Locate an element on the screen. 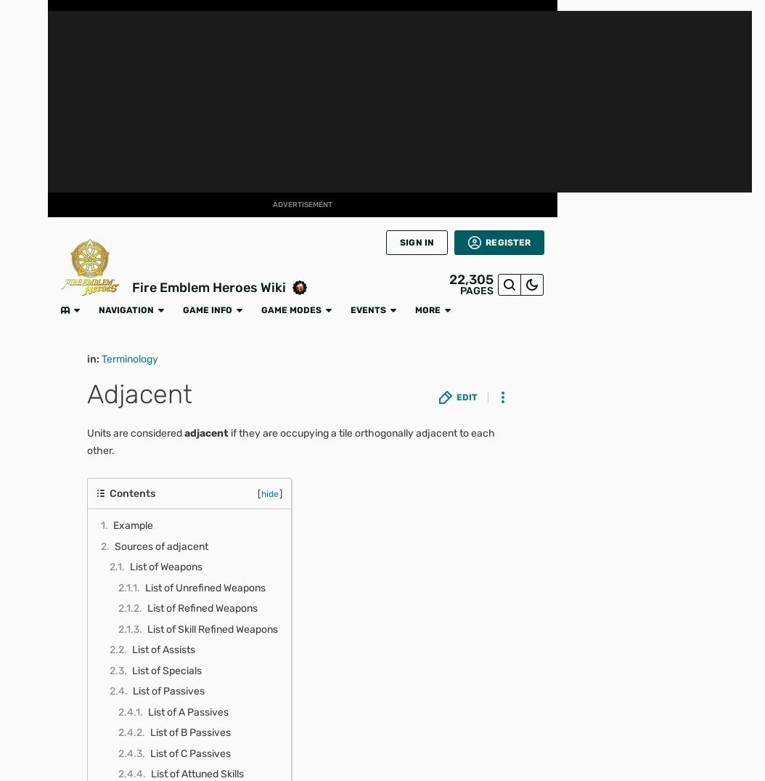 The image size is (765, 781). 'Anime' is located at coordinates (12, 259).